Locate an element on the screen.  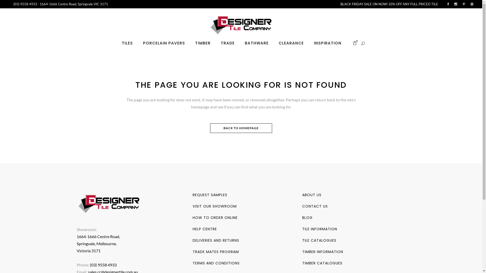
'INSPIRATION' is located at coordinates (308, 43).